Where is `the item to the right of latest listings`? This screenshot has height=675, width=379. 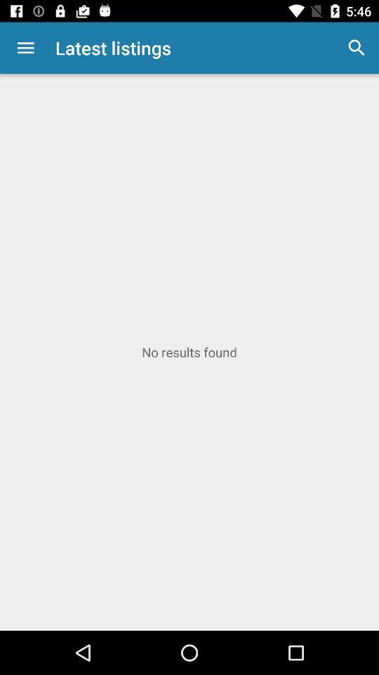
the item to the right of latest listings is located at coordinates (357, 48).